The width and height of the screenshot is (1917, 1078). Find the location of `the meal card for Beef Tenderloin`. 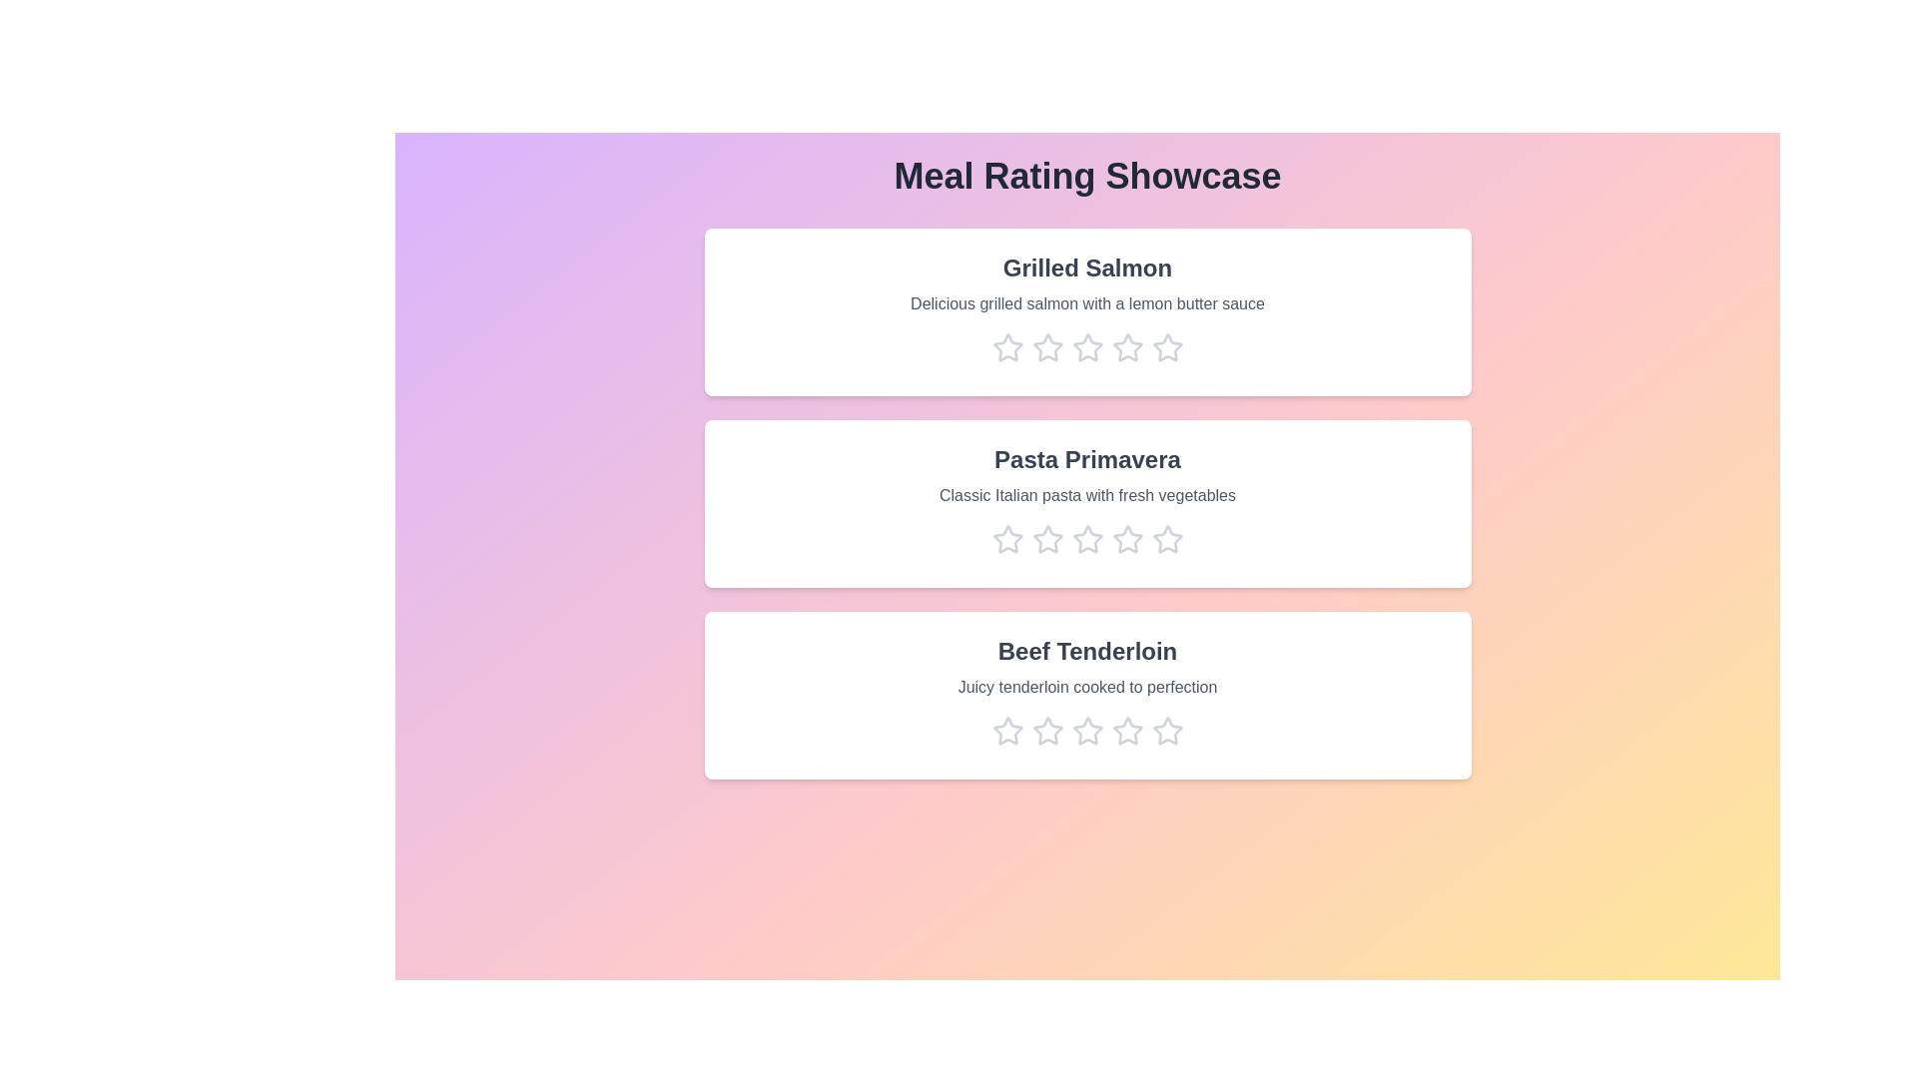

the meal card for Beef Tenderloin is located at coordinates (1086, 695).